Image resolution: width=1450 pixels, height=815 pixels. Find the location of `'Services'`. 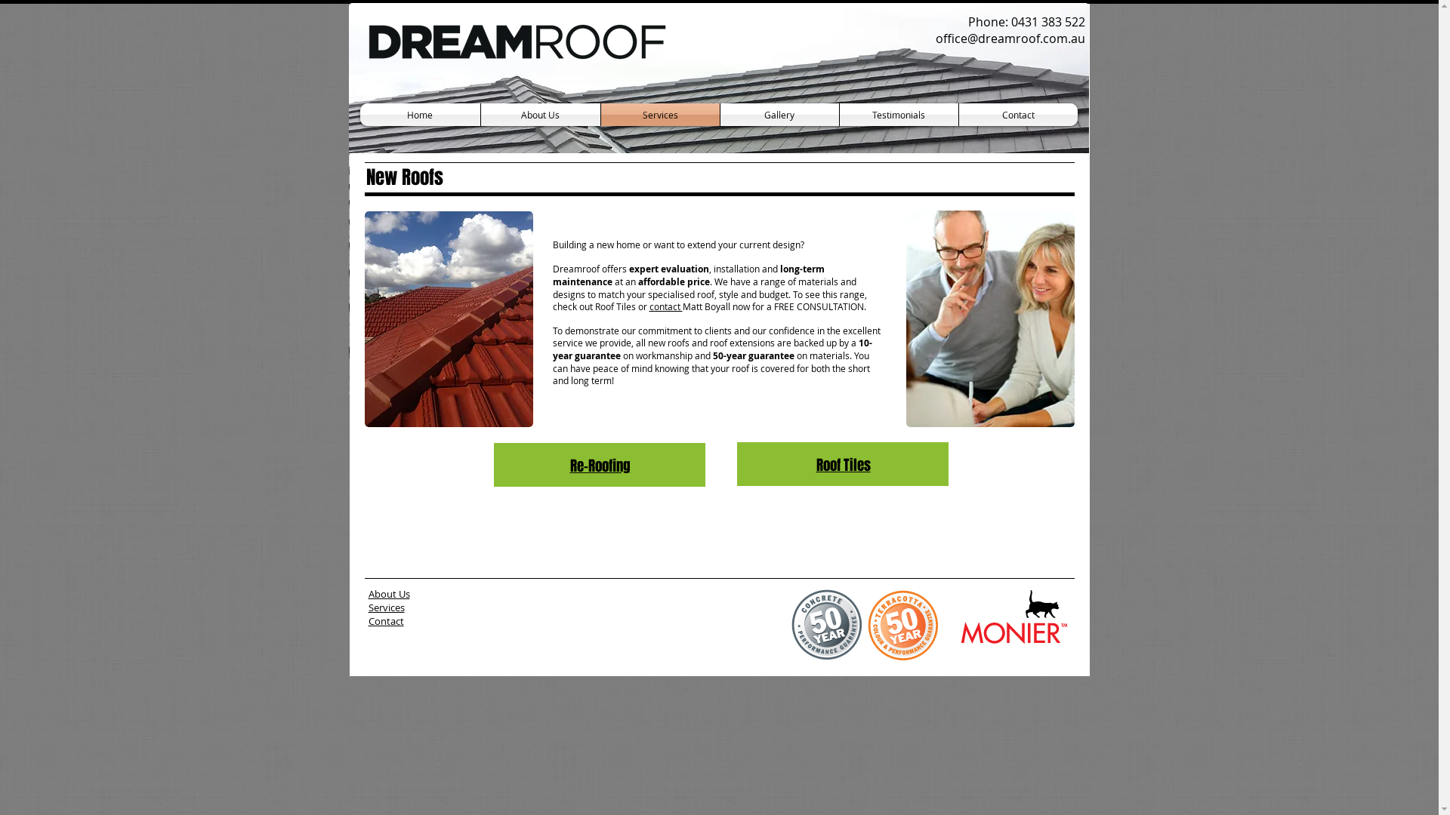

'Services' is located at coordinates (660, 113).